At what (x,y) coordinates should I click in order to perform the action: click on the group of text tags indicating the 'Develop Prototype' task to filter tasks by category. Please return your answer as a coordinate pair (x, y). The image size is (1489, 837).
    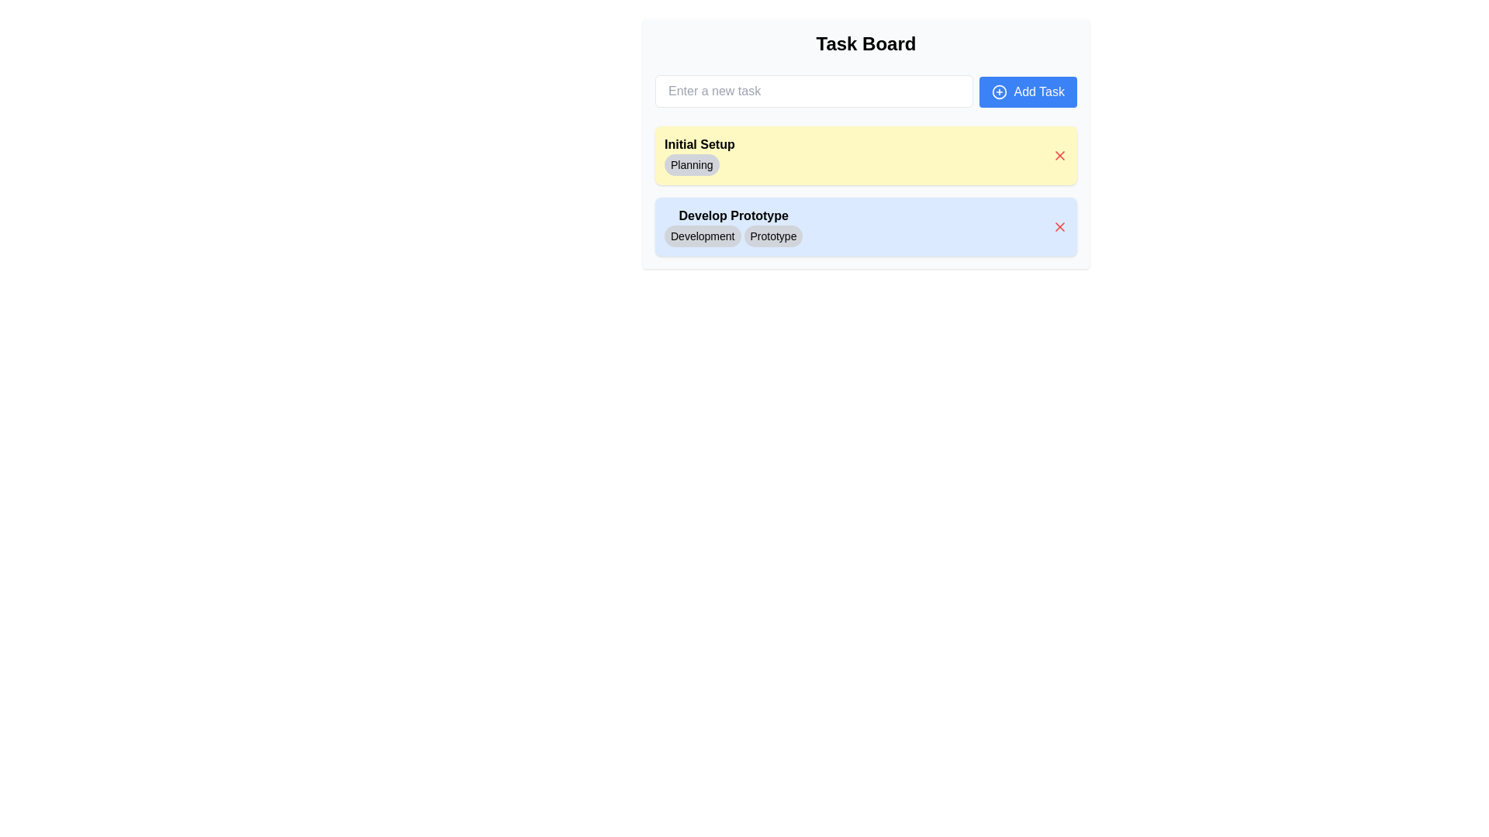
    Looking at the image, I should click on (732, 227).